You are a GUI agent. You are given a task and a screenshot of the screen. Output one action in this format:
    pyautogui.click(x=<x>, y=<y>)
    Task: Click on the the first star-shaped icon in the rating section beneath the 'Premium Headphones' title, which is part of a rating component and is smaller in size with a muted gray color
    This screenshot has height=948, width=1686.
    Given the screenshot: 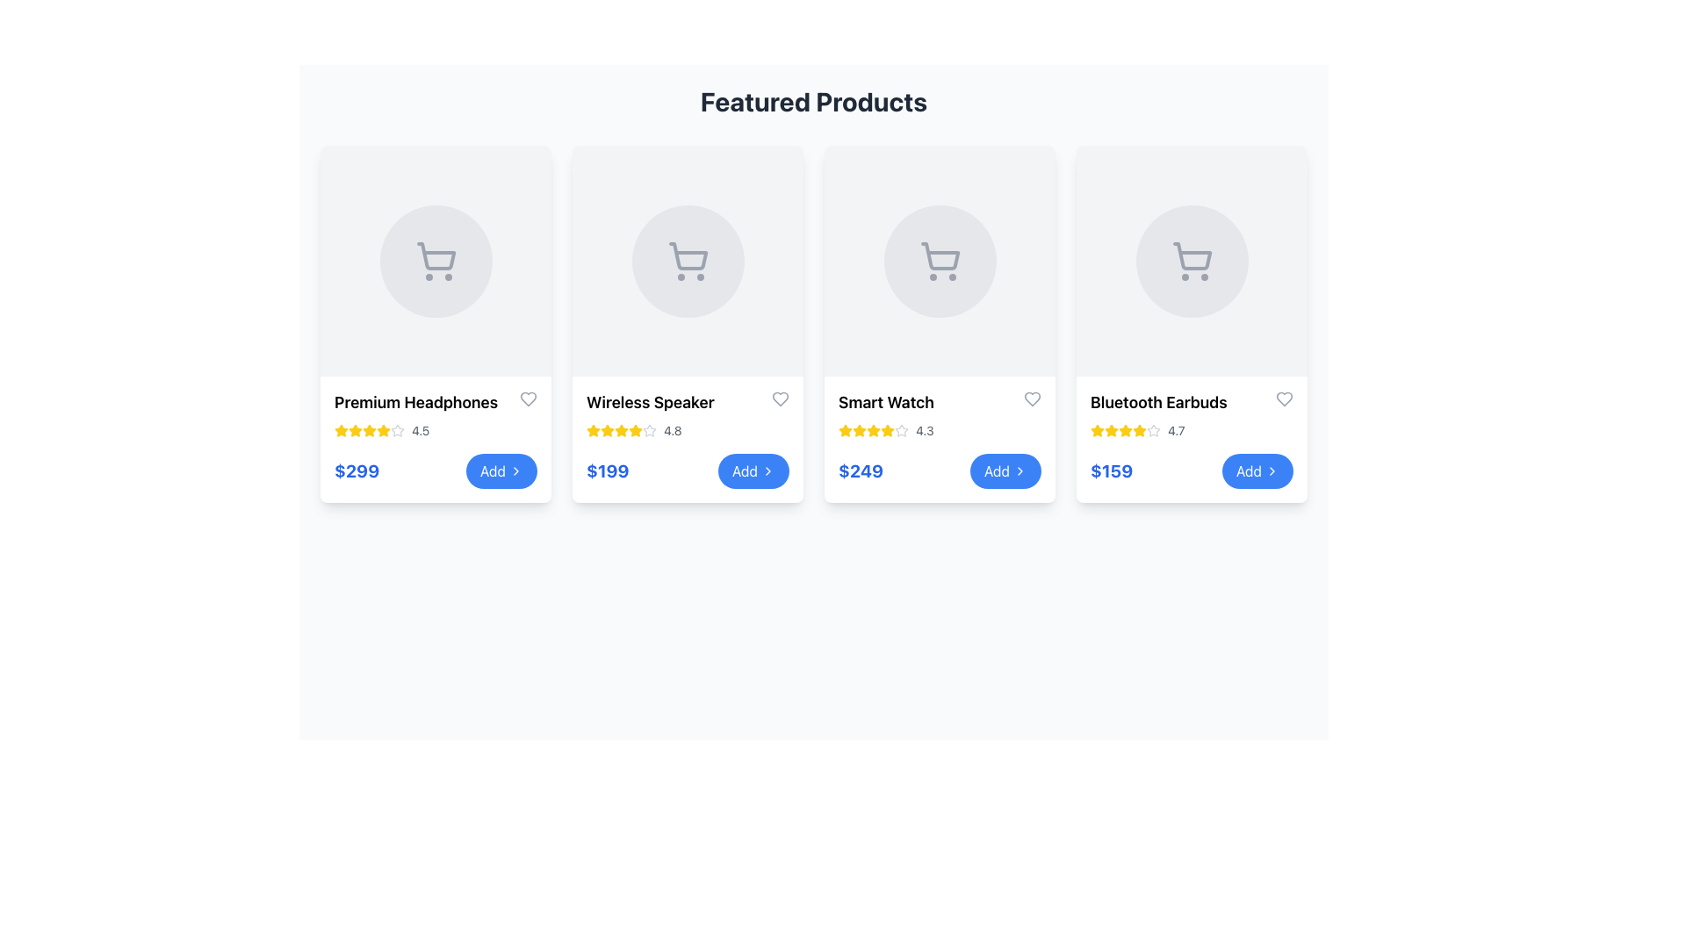 What is the action you would take?
    pyautogui.click(x=396, y=430)
    